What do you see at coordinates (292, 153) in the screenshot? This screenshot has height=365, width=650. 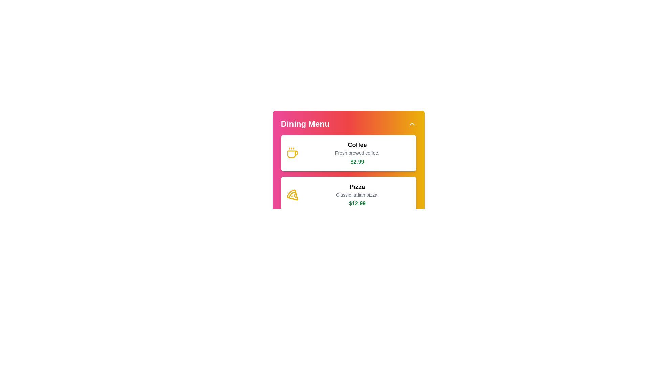 I see `the icon next to the menu item Coffee` at bounding box center [292, 153].